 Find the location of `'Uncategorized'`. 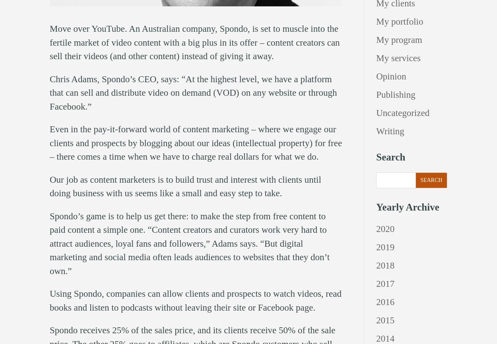

'Uncategorized' is located at coordinates (403, 112).